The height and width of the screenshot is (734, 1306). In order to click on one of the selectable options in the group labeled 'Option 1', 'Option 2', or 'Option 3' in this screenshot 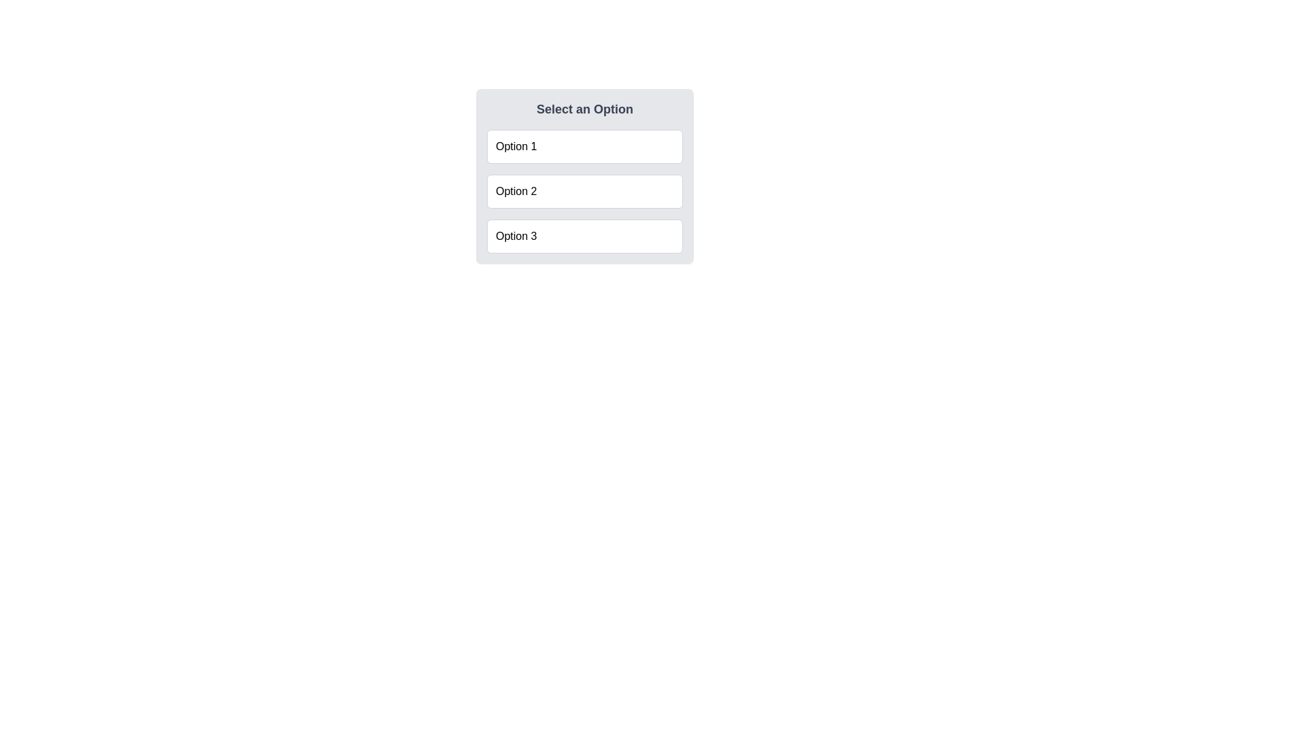, I will do `click(584, 175)`.